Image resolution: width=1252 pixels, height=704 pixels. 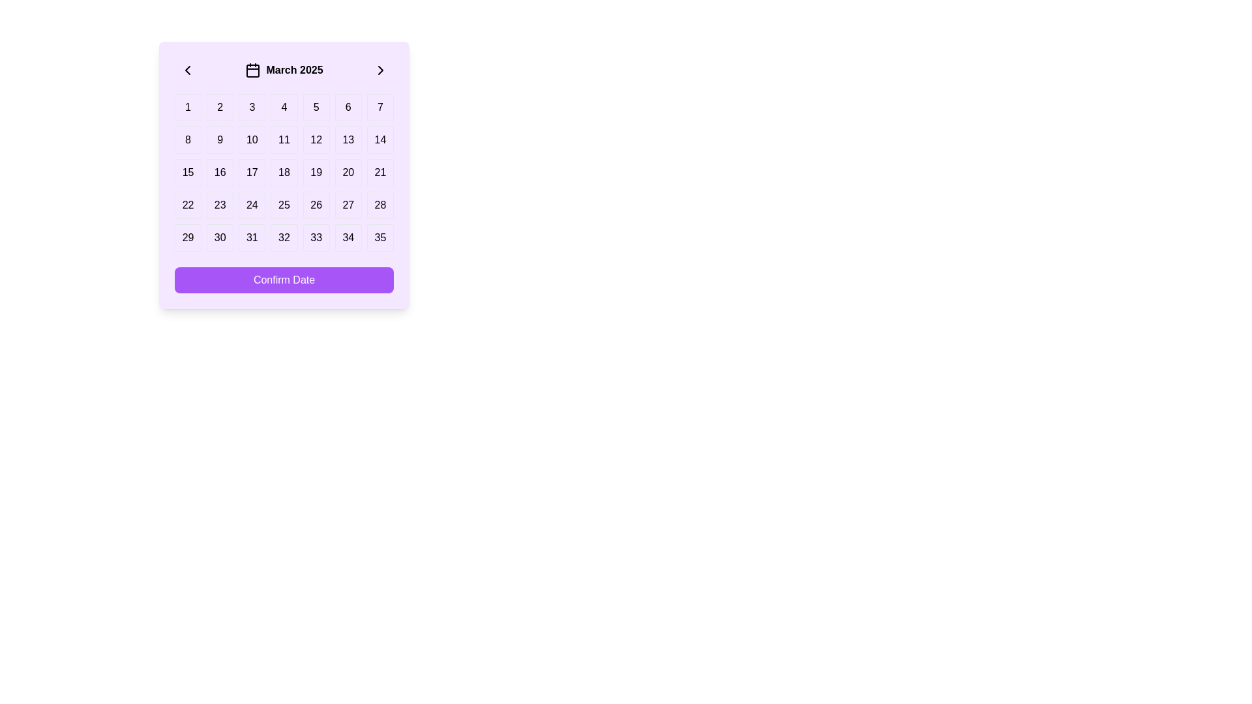 I want to click on the selectable day button representing the sixth day of the month in the calendar interface, located in the first row and sixth column of the grid layout, so click(x=348, y=107).